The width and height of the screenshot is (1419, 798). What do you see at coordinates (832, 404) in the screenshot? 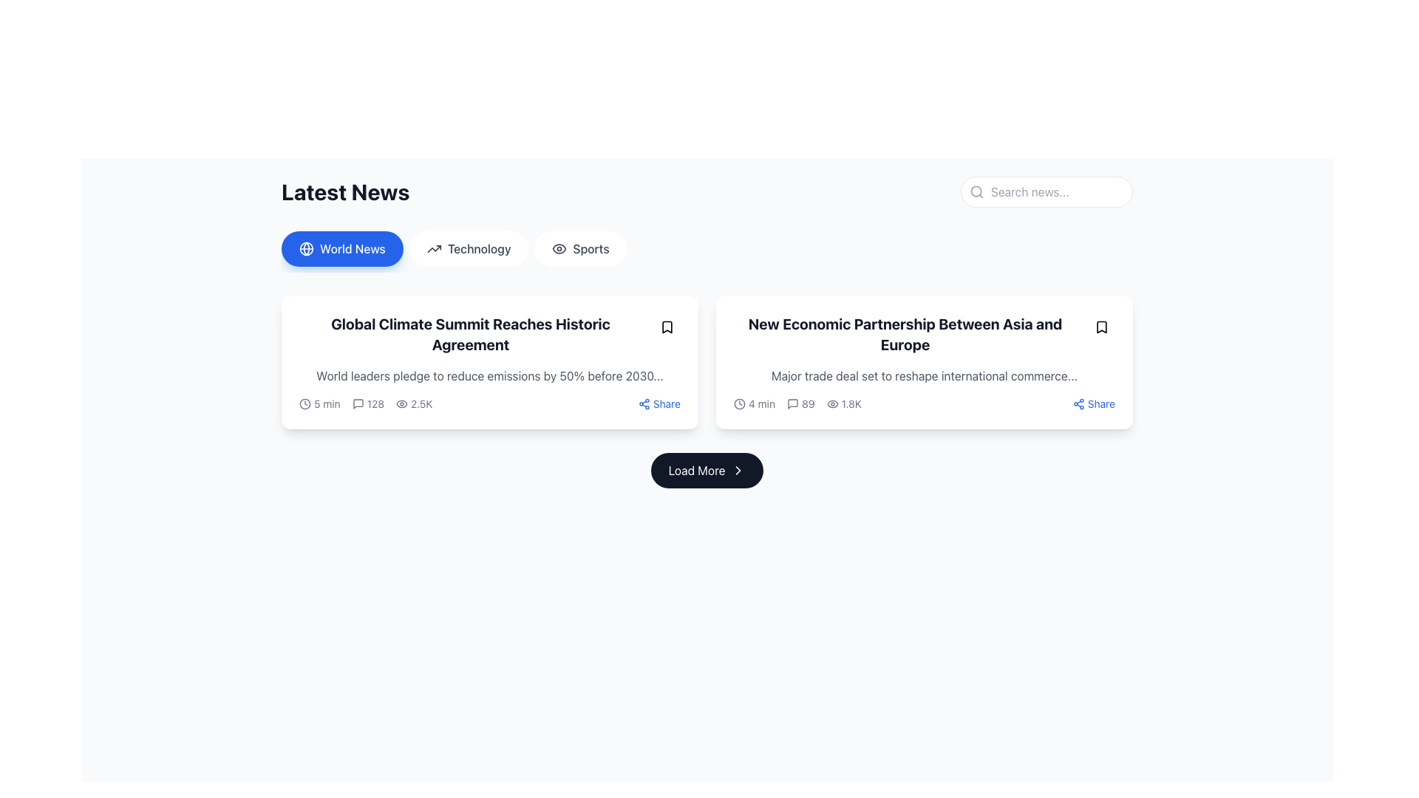
I see `the eye icon located to the left of the text '1.8K' in the bottom-right part of the second card` at bounding box center [832, 404].